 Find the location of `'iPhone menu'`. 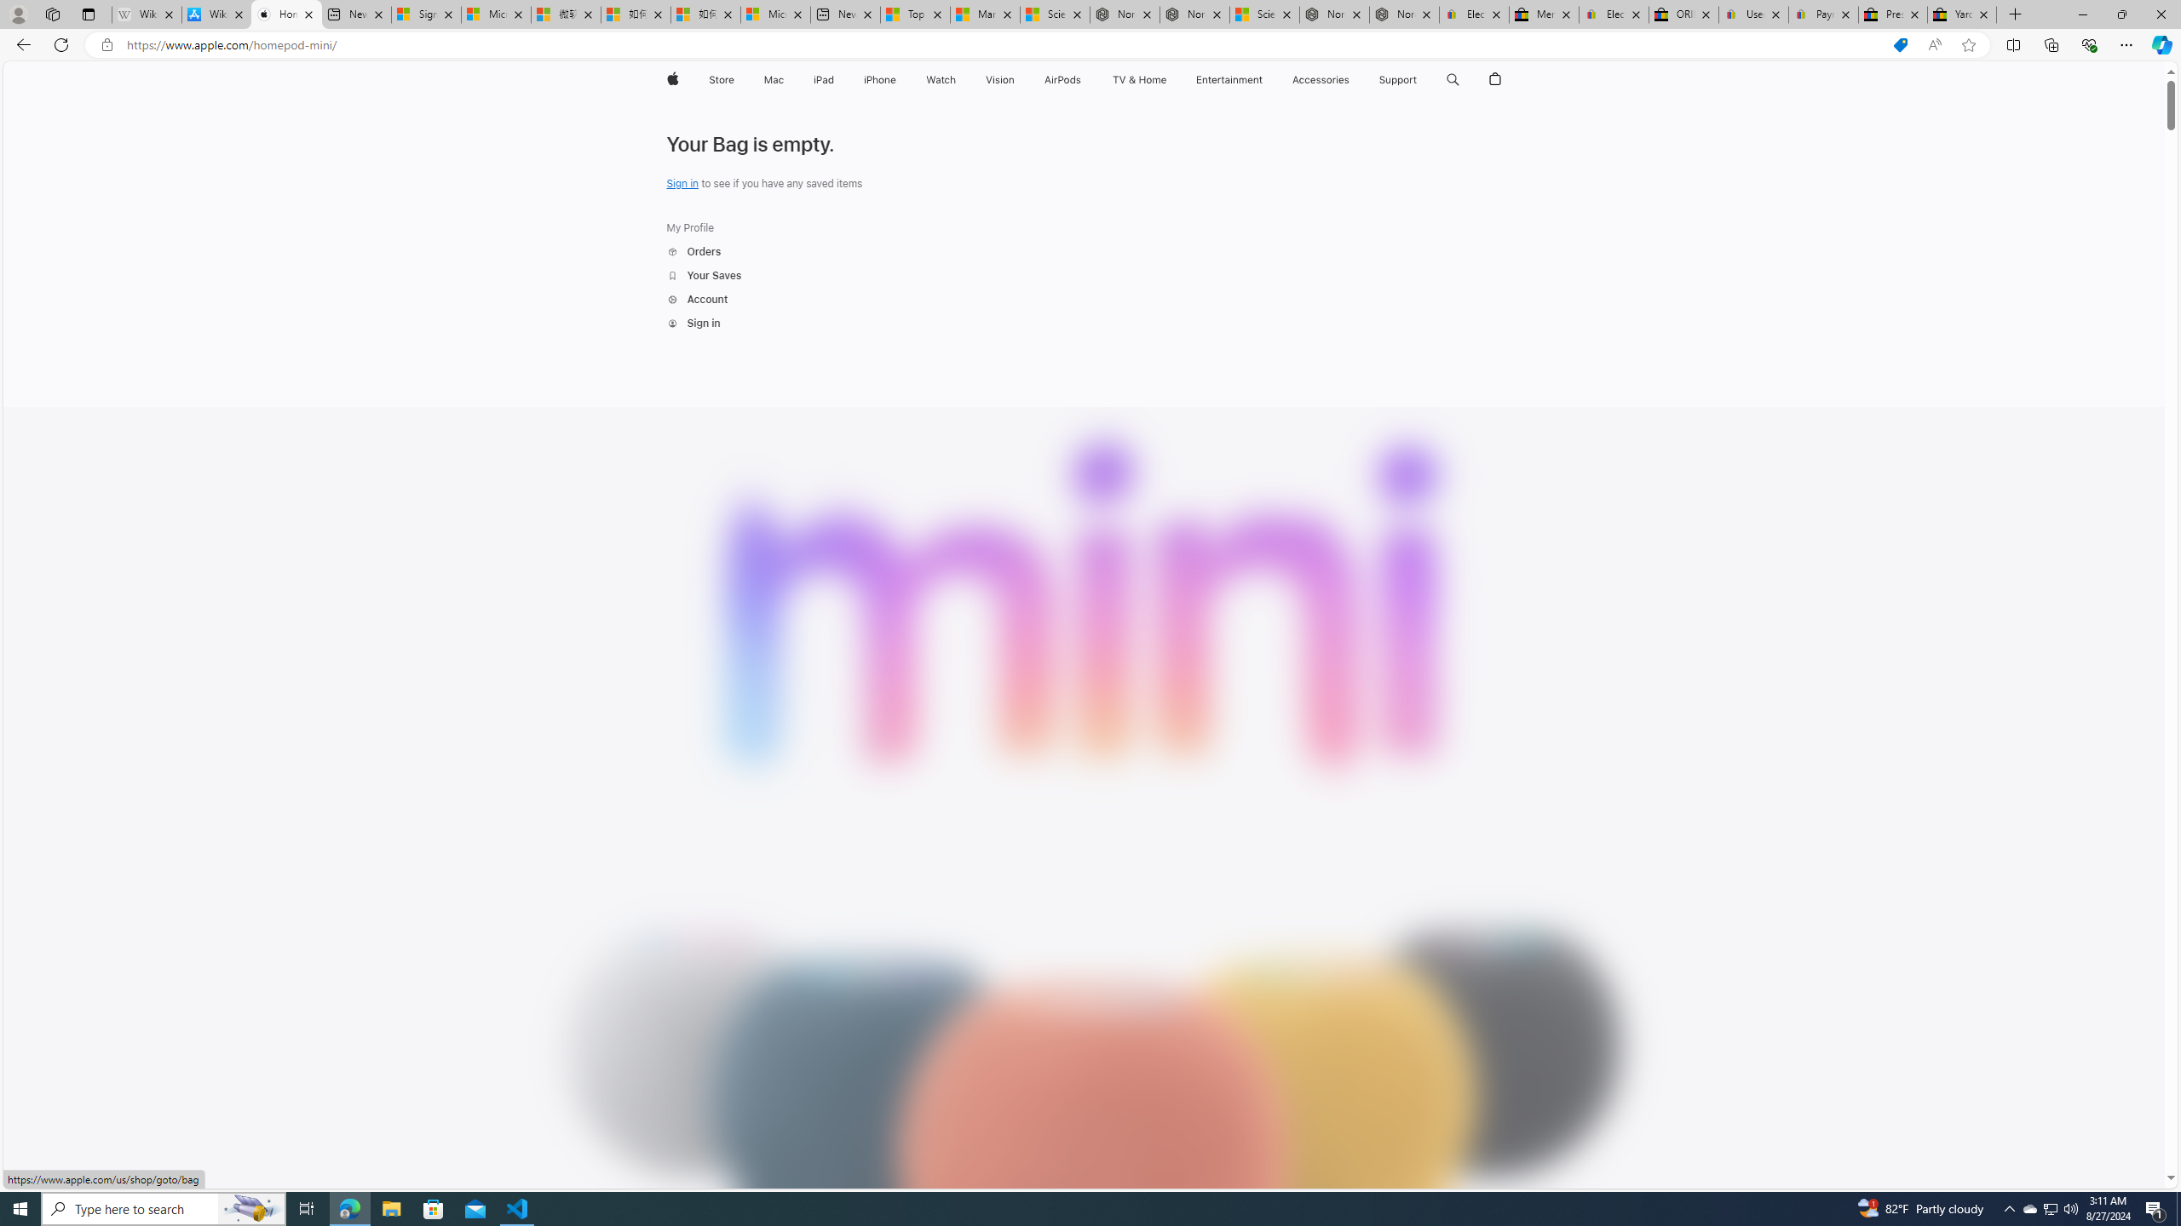

'iPhone menu' is located at coordinates (899, 79).